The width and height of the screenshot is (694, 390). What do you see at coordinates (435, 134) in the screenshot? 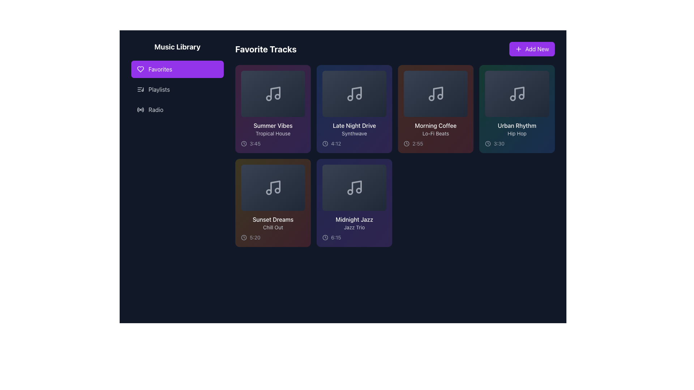
I see `text element displaying 'Lo-Fi Beats' which is centrally aligned and positioned below 'Morning Coffee'` at bounding box center [435, 134].